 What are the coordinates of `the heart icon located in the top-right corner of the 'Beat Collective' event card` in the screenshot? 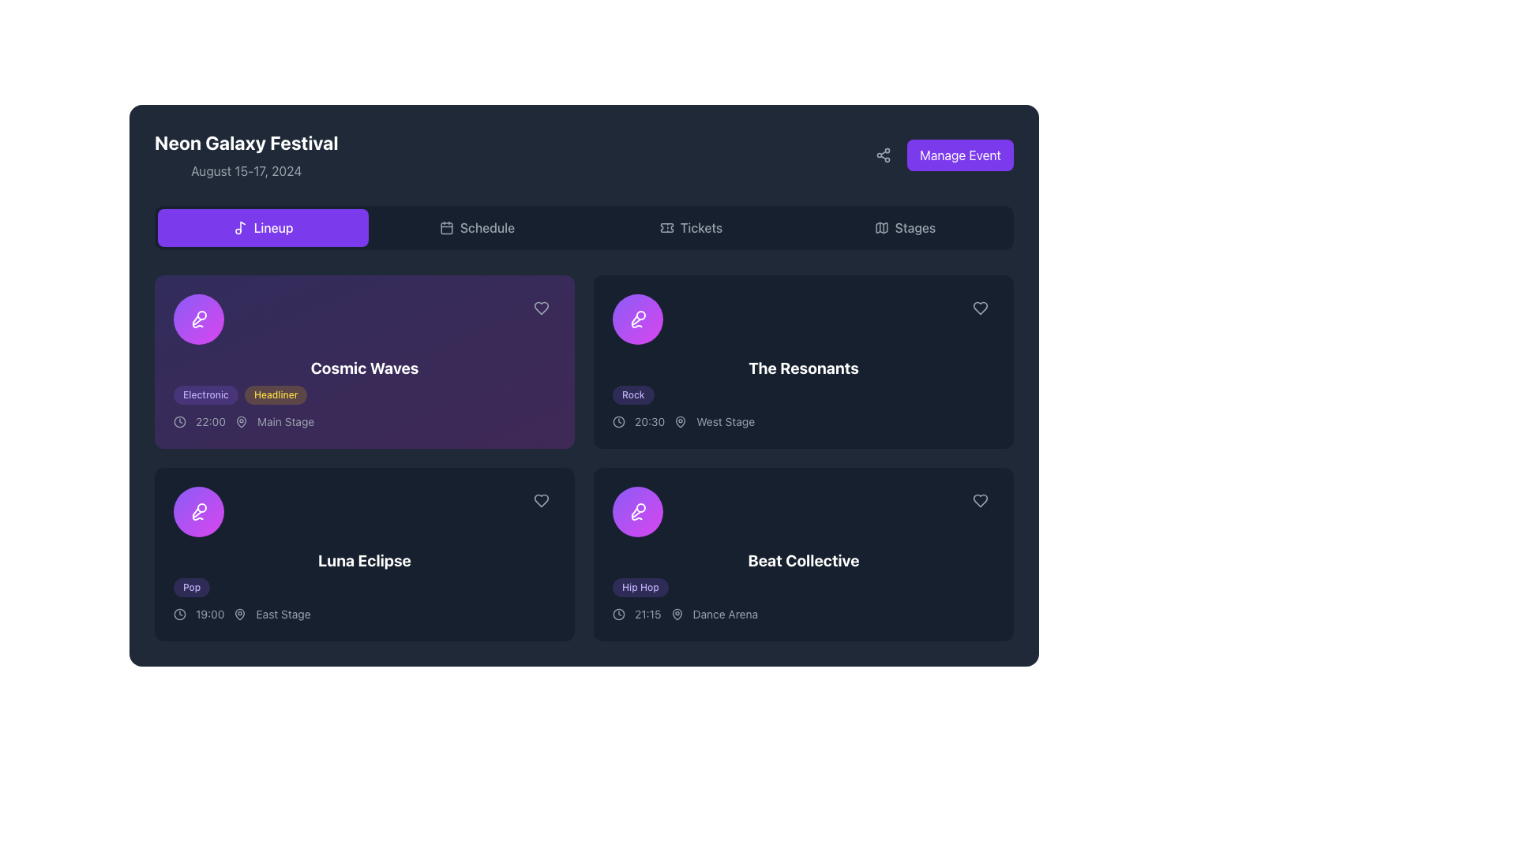 It's located at (980, 501).